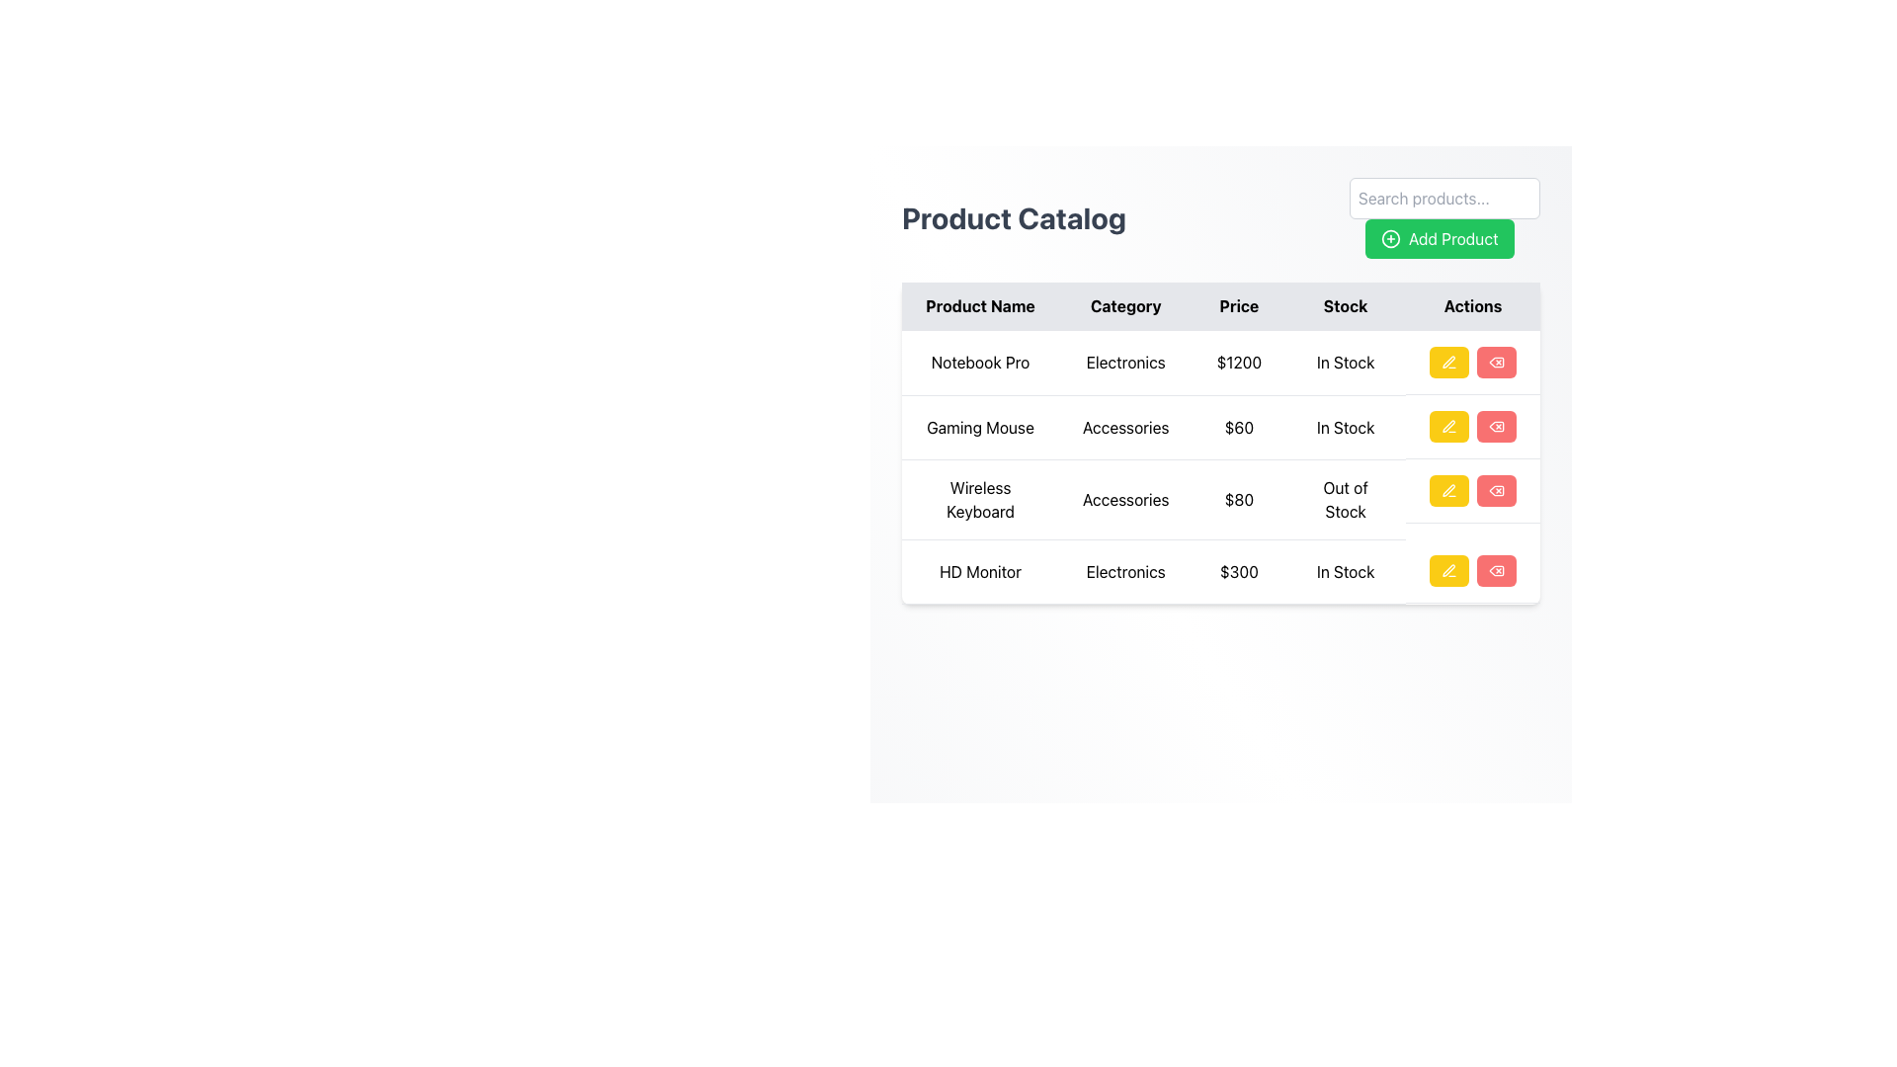 The height and width of the screenshot is (1067, 1897). What do you see at coordinates (1125, 571) in the screenshot?
I see `the static text label displaying the category of the product 'HD Monitor', located in the second cell of the table row under the 'Category' column` at bounding box center [1125, 571].